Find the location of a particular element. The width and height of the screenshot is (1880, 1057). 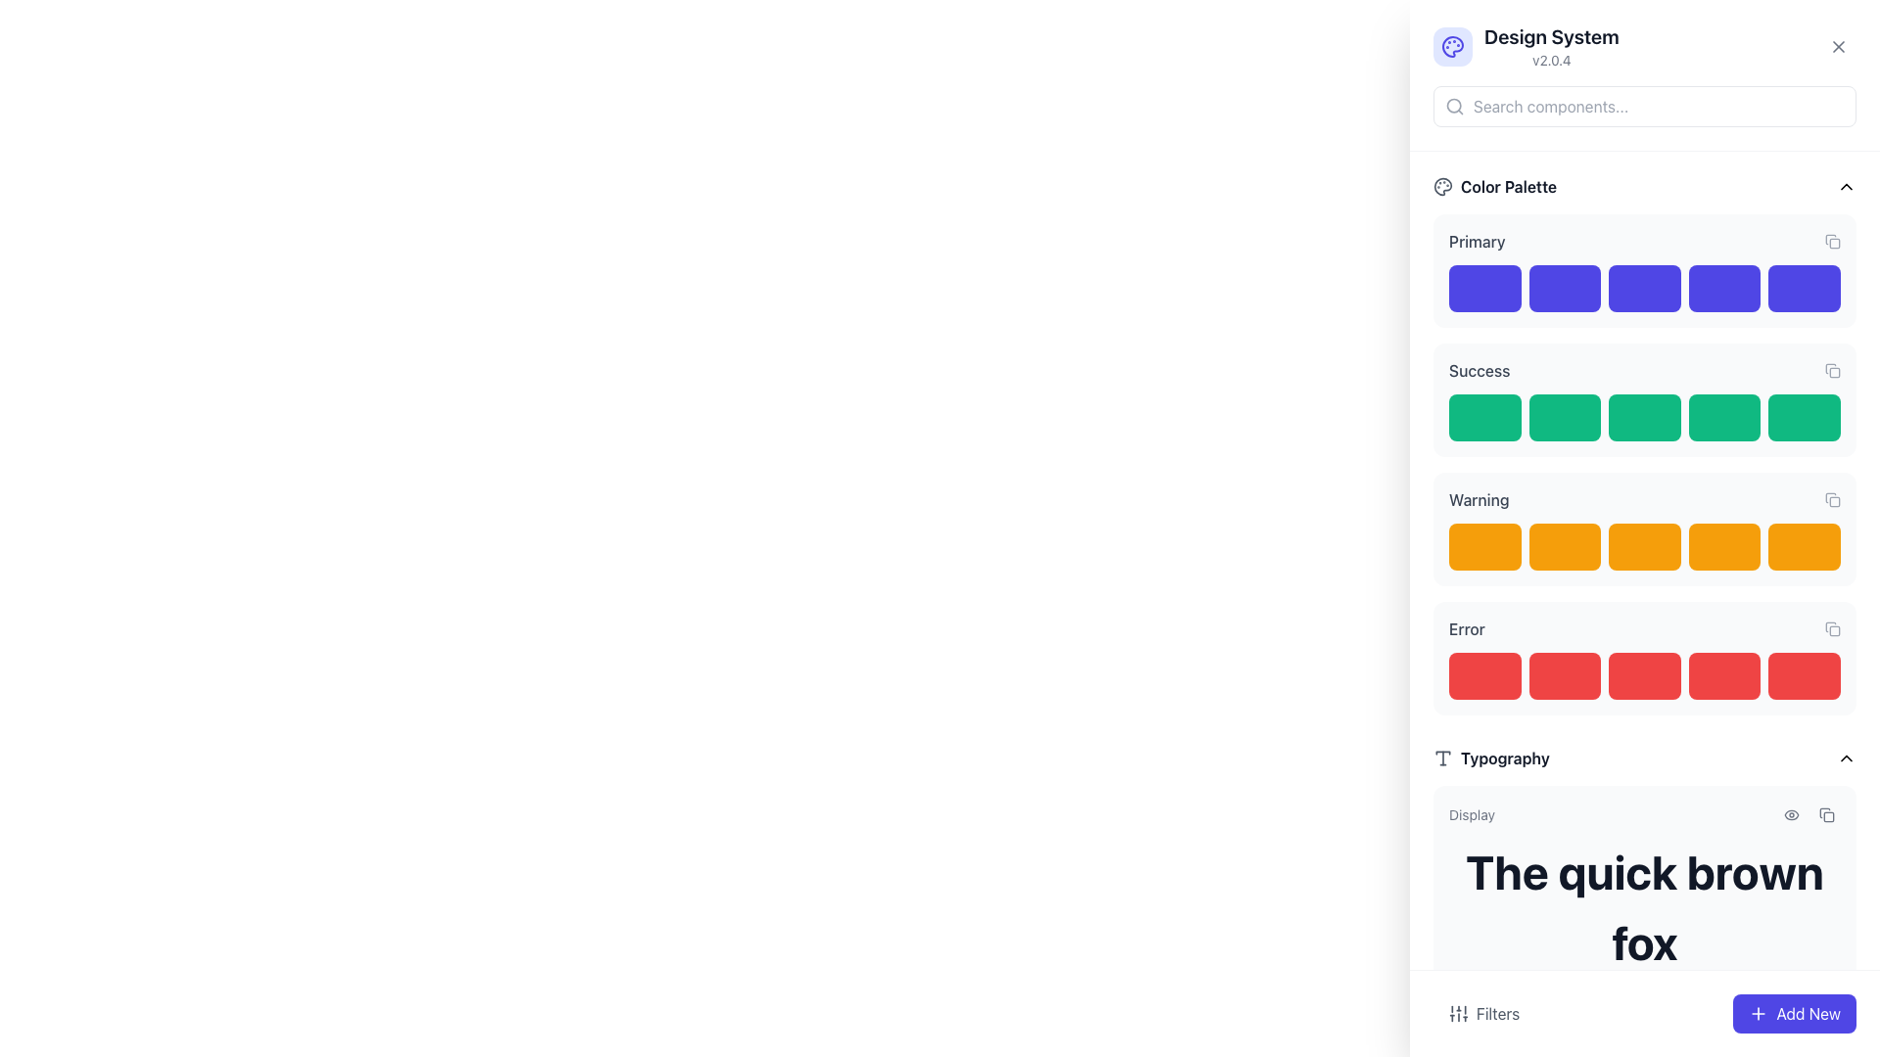

the third blue color swatch in the 'Primary' section of the 'Color Palette' group for potential interaction is located at coordinates (1644, 288).